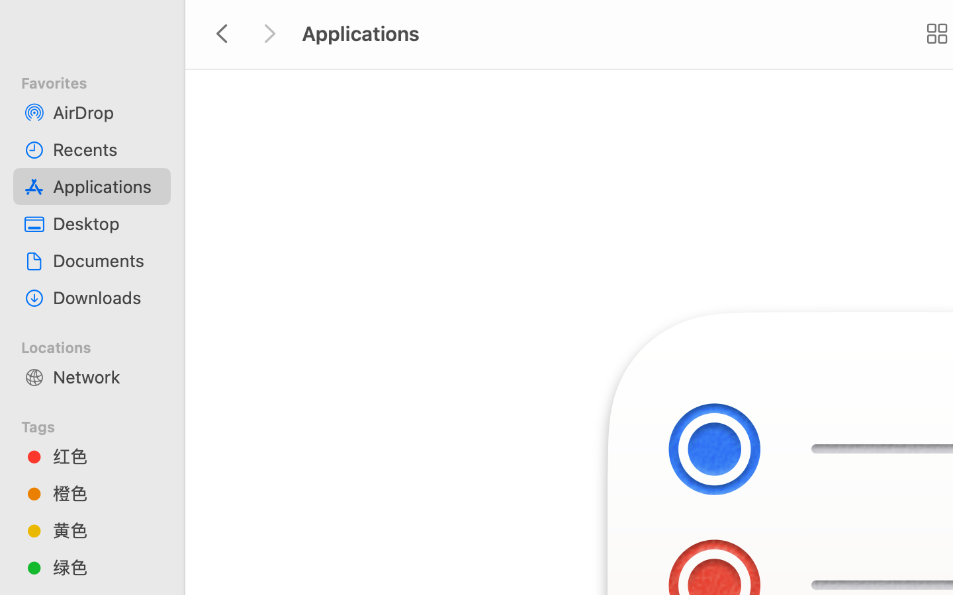 This screenshot has height=595, width=953. What do you see at coordinates (105, 567) in the screenshot?
I see `'绿色'` at bounding box center [105, 567].